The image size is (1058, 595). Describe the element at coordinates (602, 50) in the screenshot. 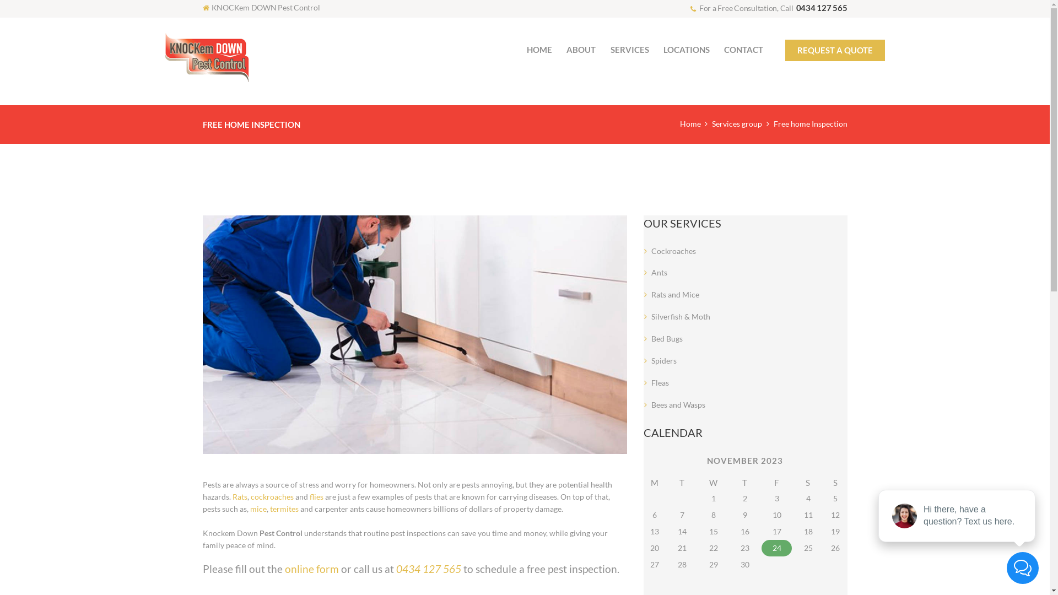

I see `'SERVICES'` at that location.